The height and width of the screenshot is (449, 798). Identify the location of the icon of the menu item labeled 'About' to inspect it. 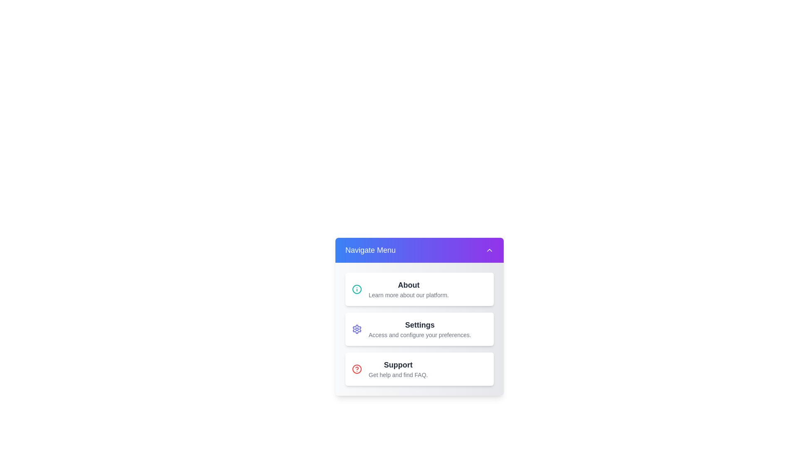
(357, 289).